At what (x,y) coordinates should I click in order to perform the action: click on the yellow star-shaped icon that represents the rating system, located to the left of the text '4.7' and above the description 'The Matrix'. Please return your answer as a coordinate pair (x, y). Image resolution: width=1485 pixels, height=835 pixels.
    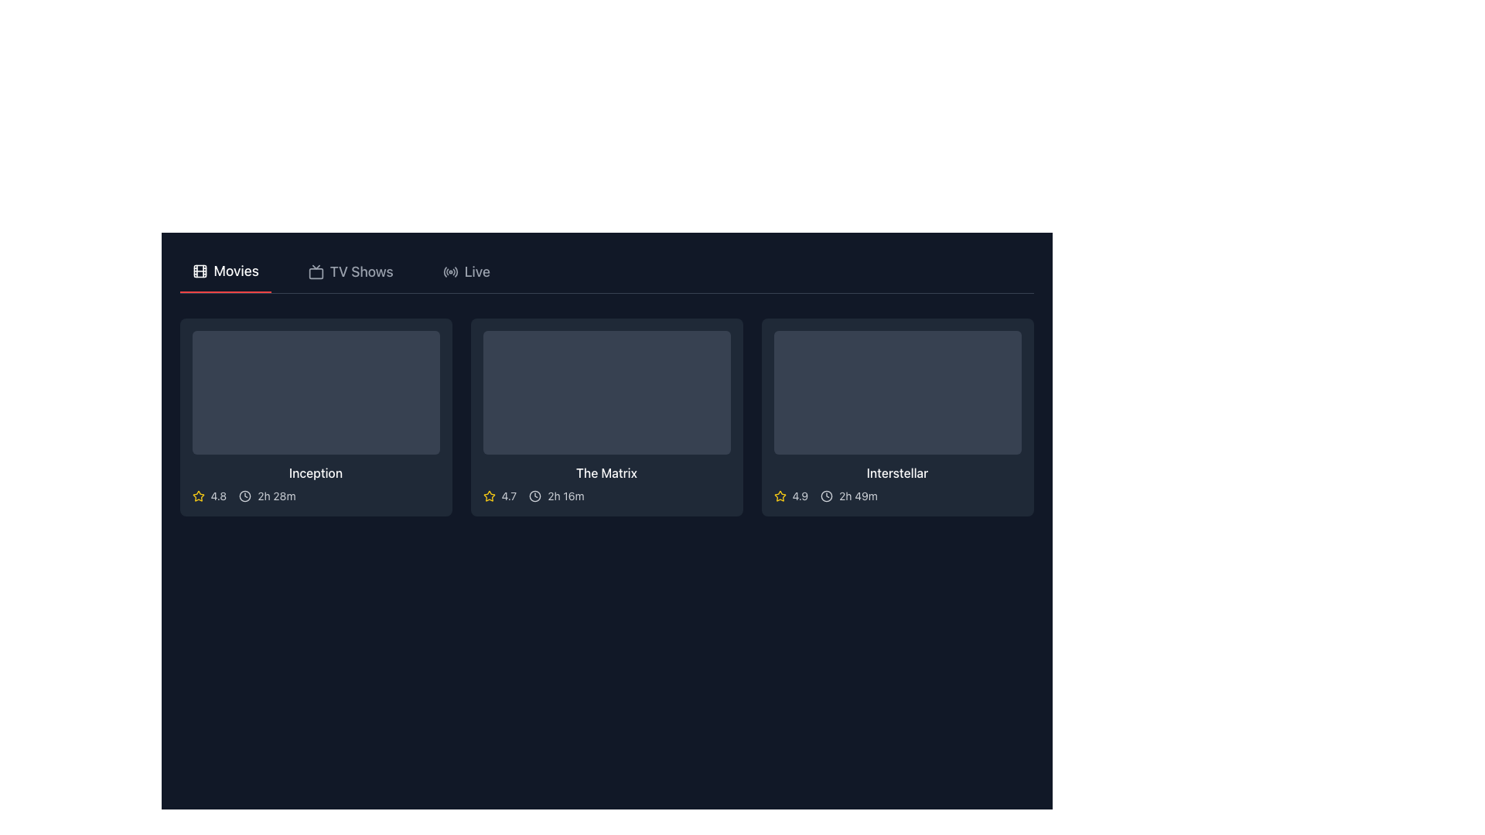
    Looking at the image, I should click on (488, 496).